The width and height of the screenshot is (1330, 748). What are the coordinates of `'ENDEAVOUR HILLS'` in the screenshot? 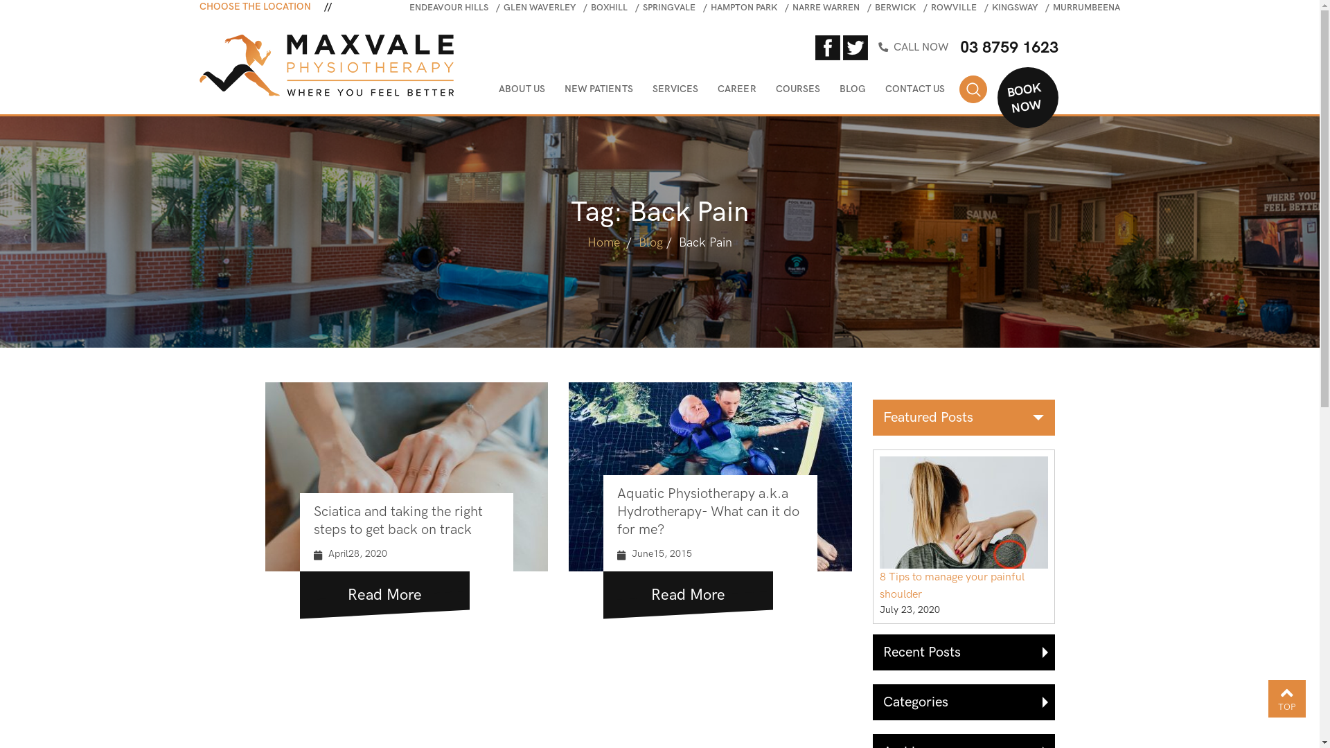 It's located at (449, 8).